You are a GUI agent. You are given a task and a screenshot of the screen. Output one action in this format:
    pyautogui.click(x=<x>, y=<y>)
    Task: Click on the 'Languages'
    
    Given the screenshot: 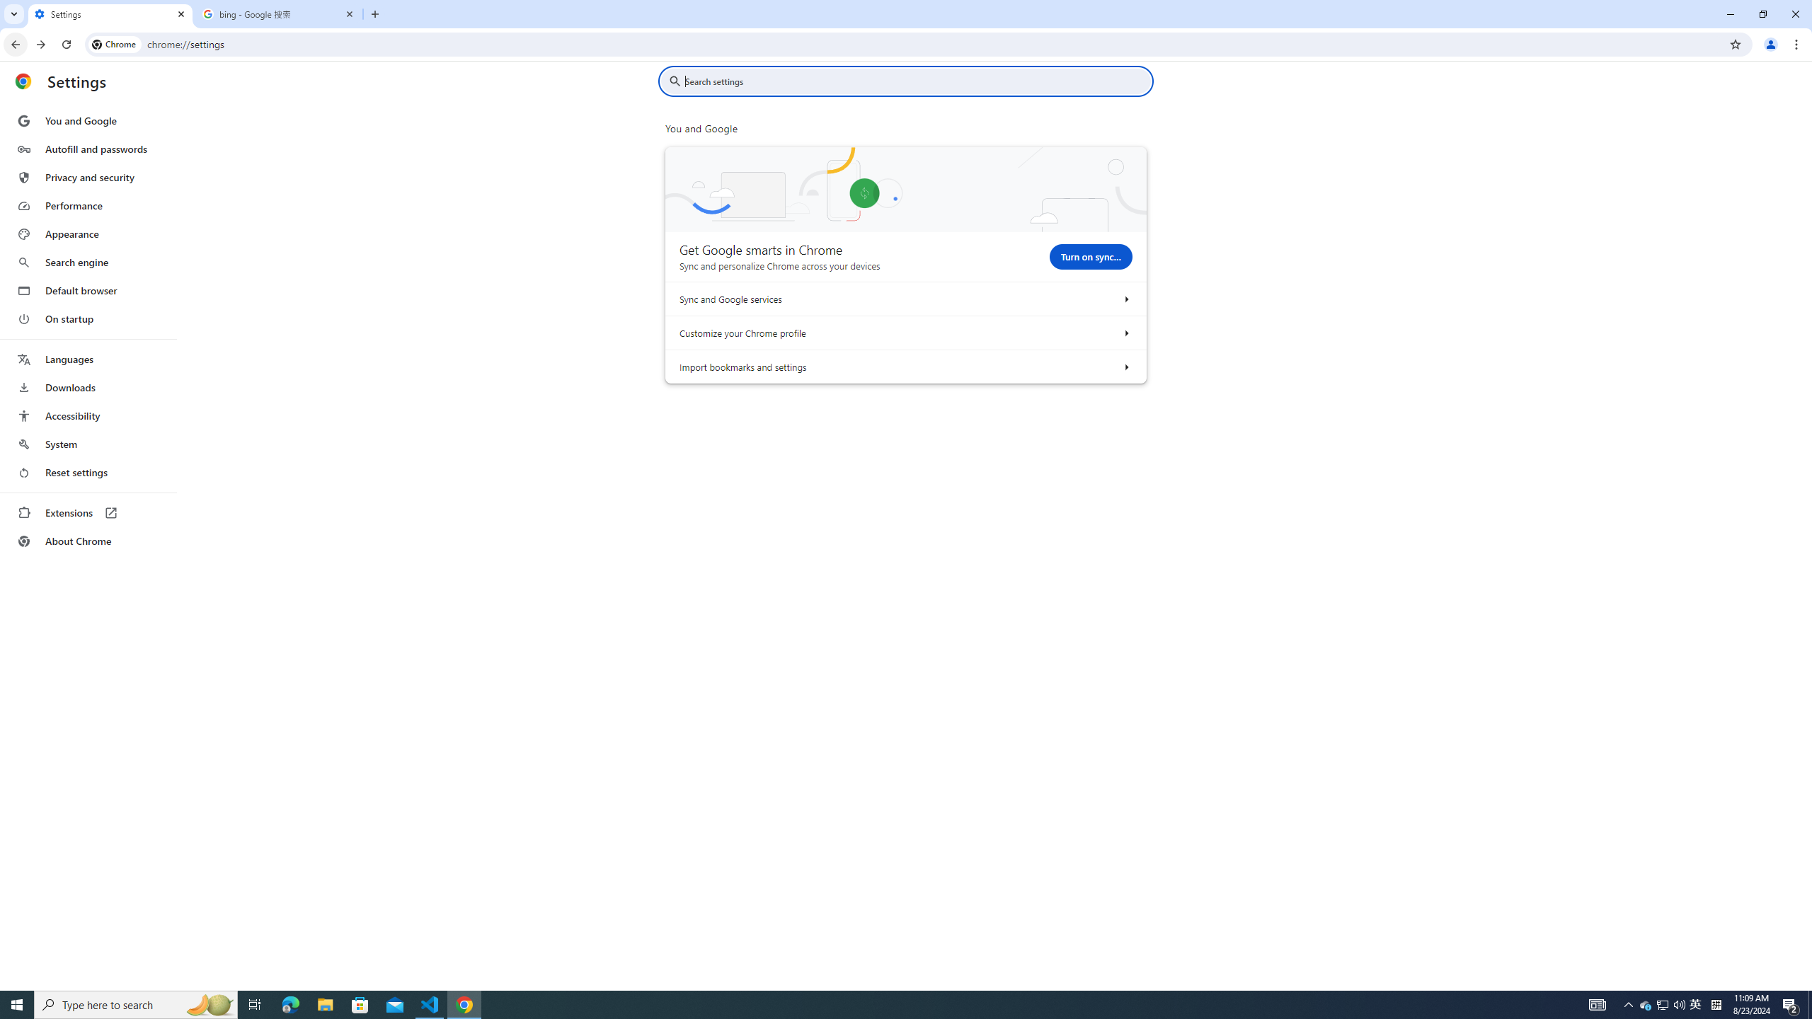 What is the action you would take?
    pyautogui.click(x=87, y=359)
    